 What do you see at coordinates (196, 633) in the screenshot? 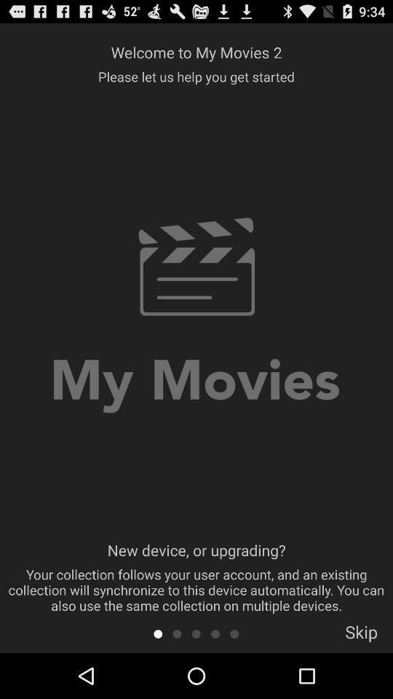
I see `move ahead` at bounding box center [196, 633].